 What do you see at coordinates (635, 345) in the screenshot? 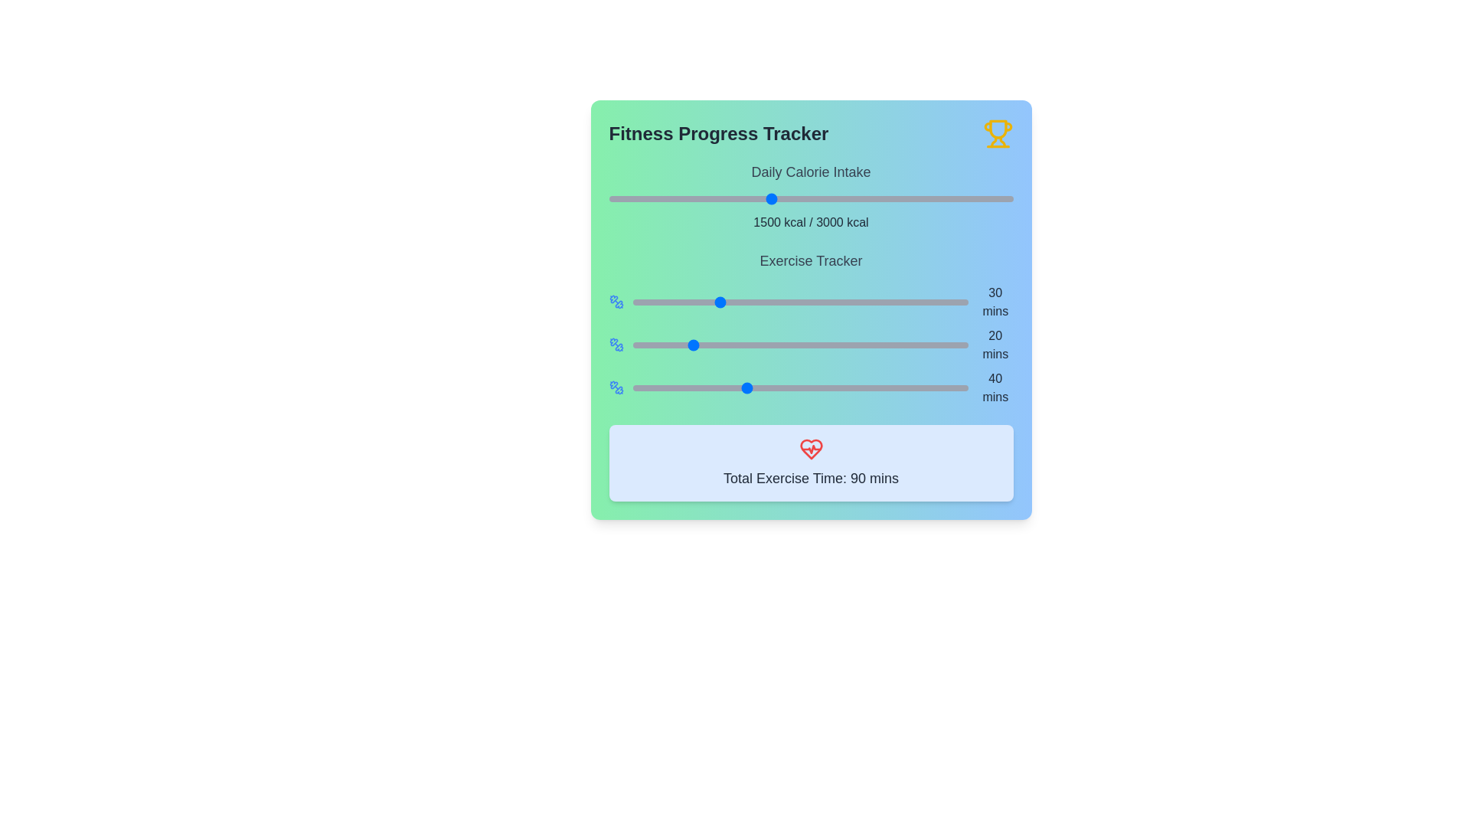
I see `the slider value` at bounding box center [635, 345].